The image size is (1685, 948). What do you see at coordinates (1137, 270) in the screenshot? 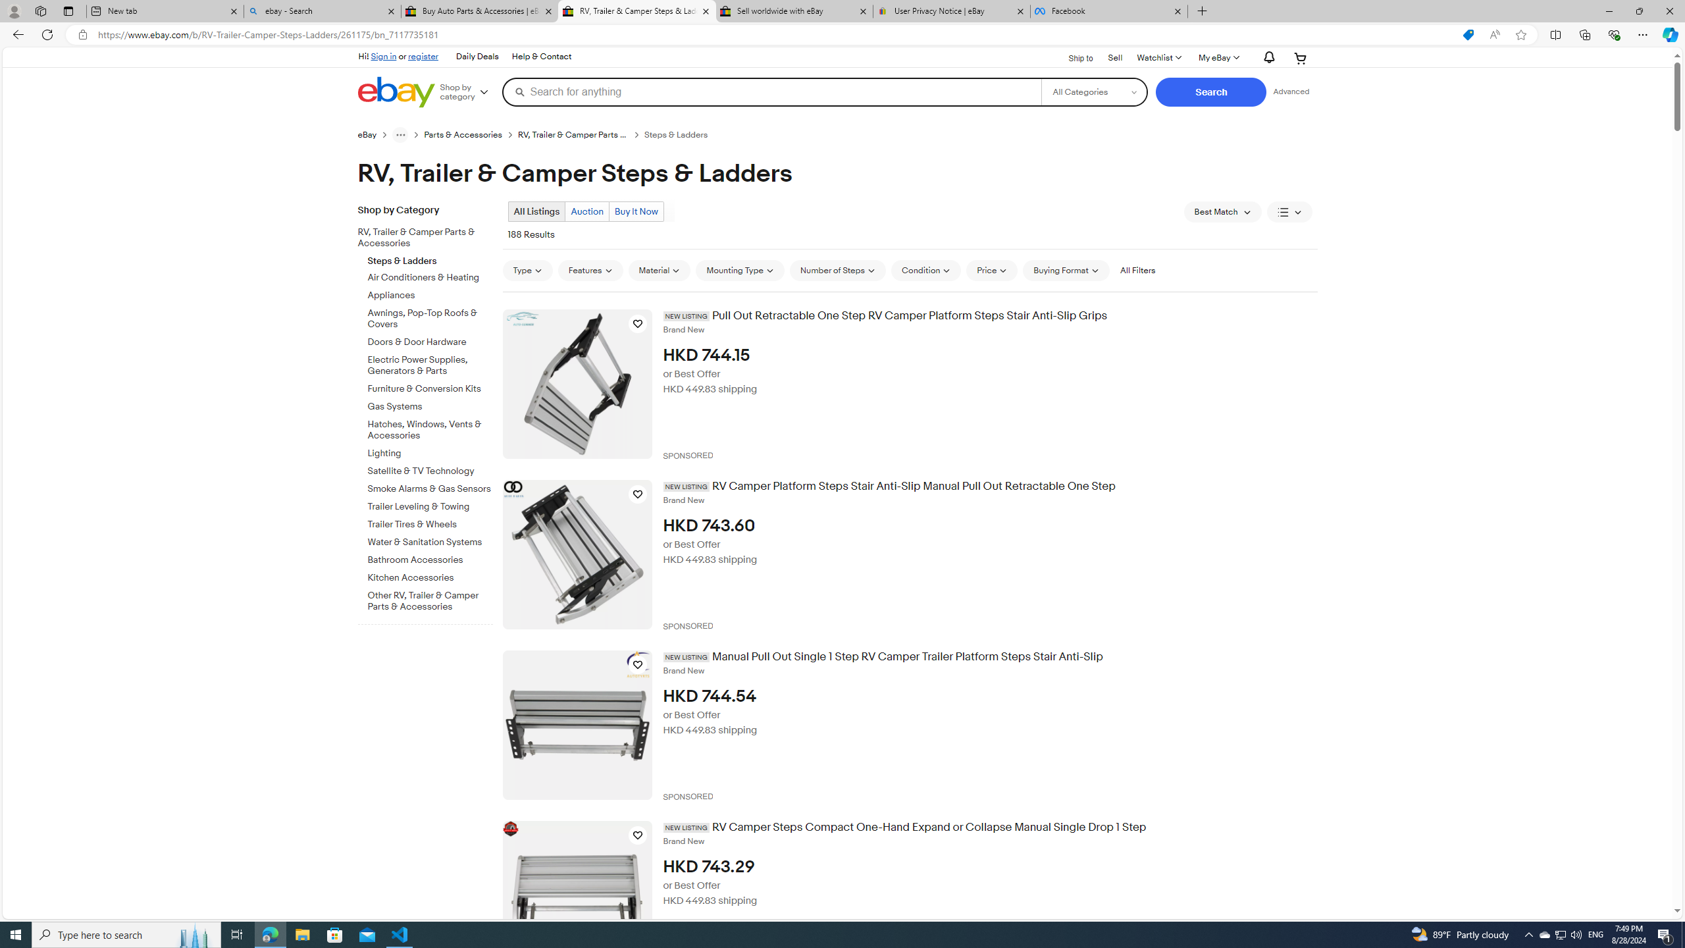
I see `'All Filters'` at bounding box center [1137, 270].